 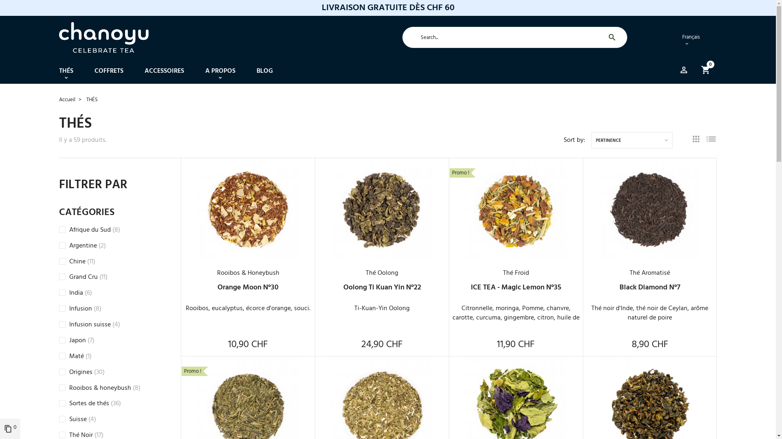 I want to click on 'Afrique du Sud (8)', so click(x=94, y=230).